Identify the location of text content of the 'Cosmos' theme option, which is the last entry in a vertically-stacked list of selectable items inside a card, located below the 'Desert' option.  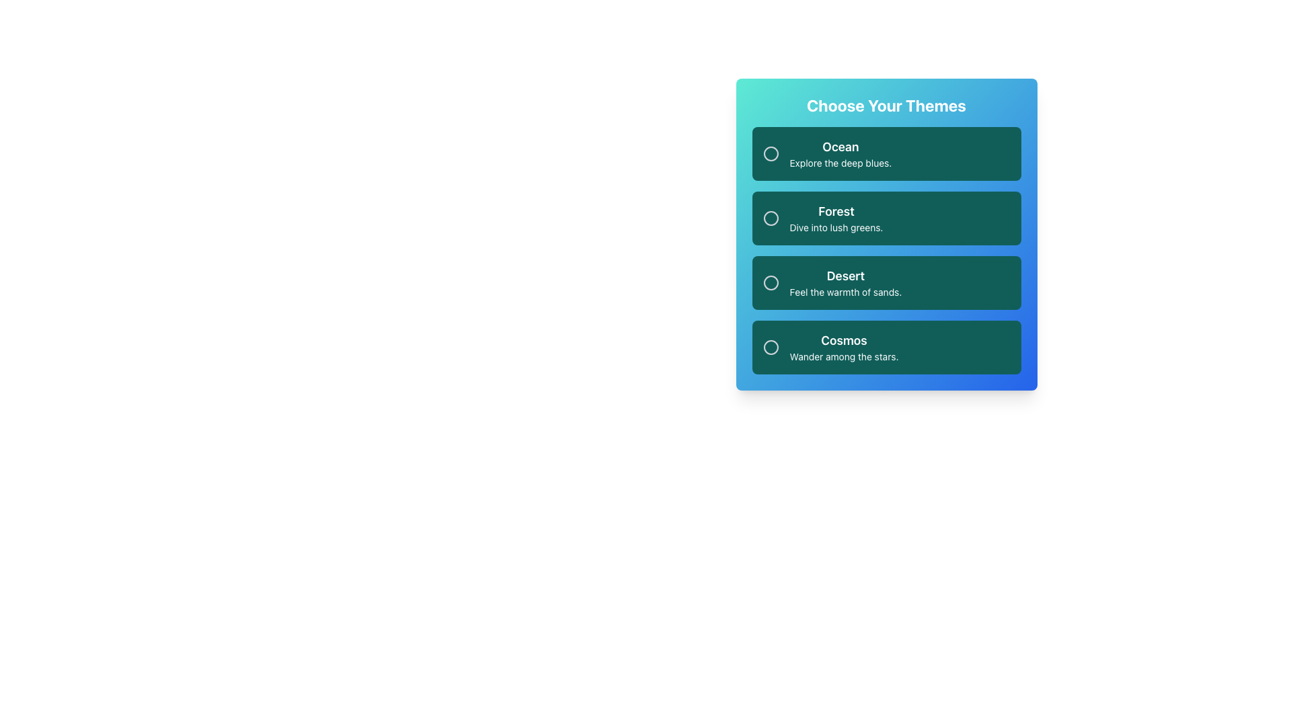
(843, 346).